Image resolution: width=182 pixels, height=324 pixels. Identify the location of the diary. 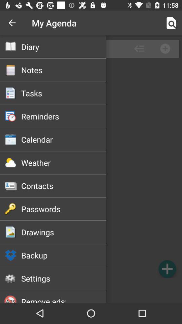
(64, 46).